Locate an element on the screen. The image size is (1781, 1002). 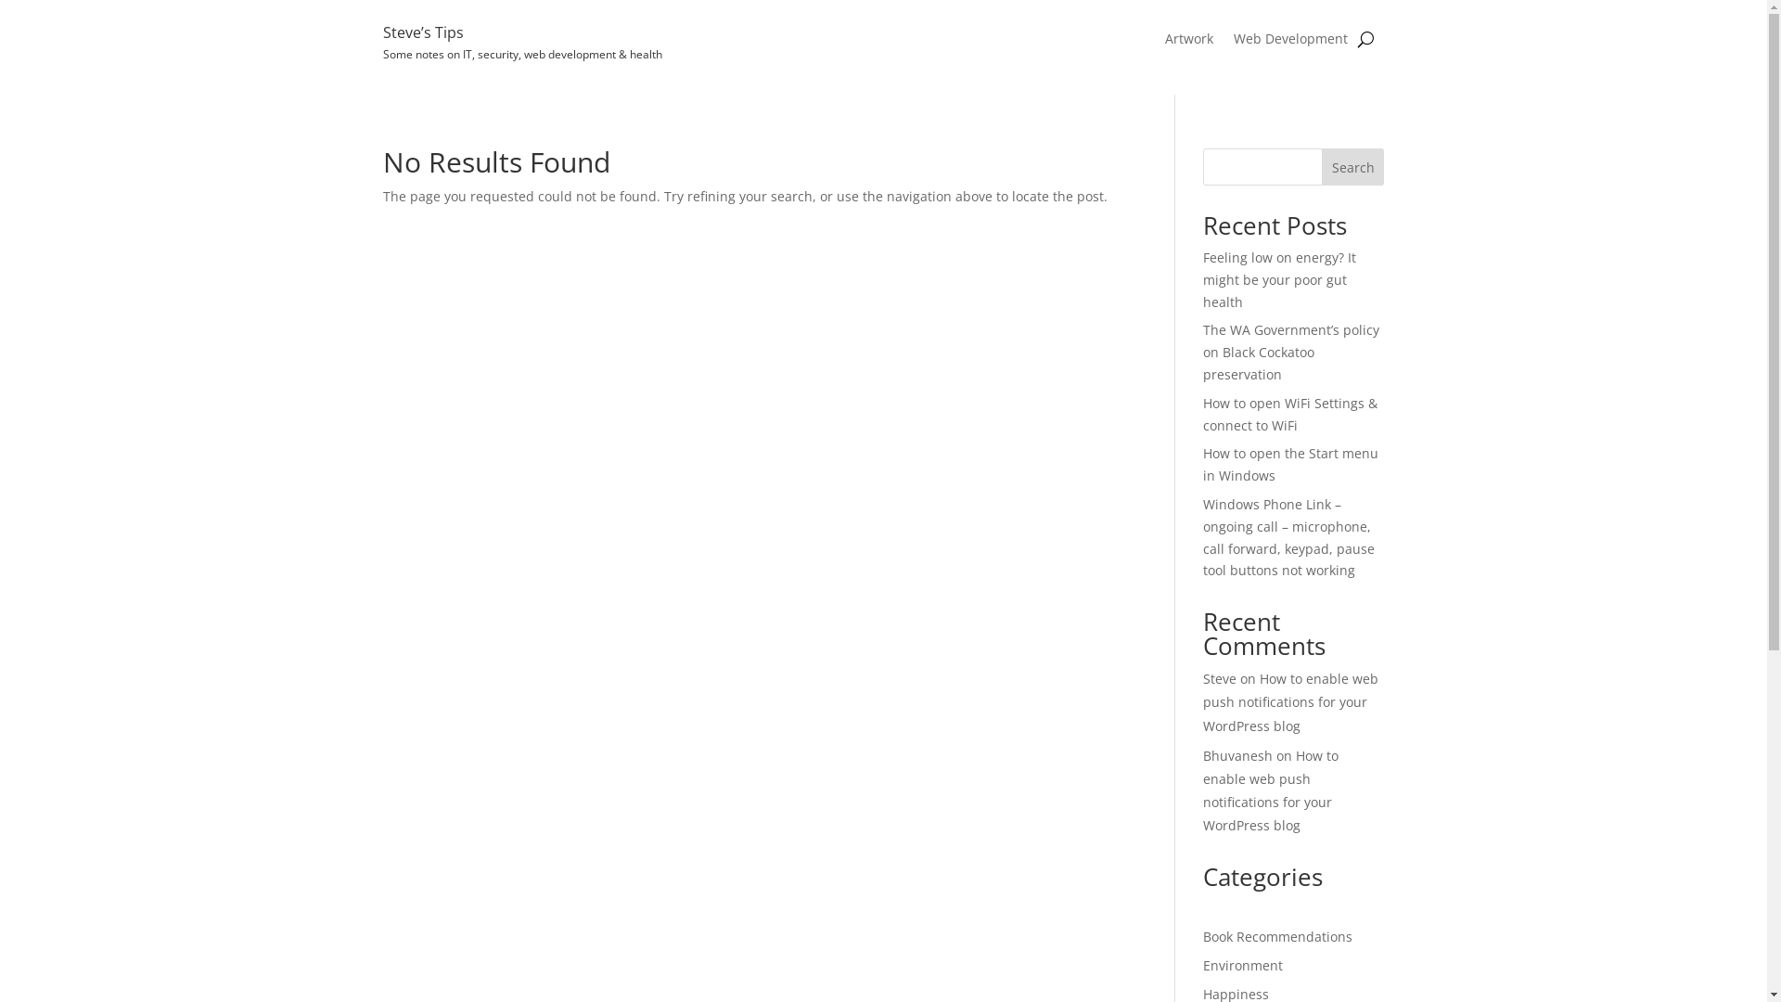
'Artwork' is located at coordinates (1188, 42).